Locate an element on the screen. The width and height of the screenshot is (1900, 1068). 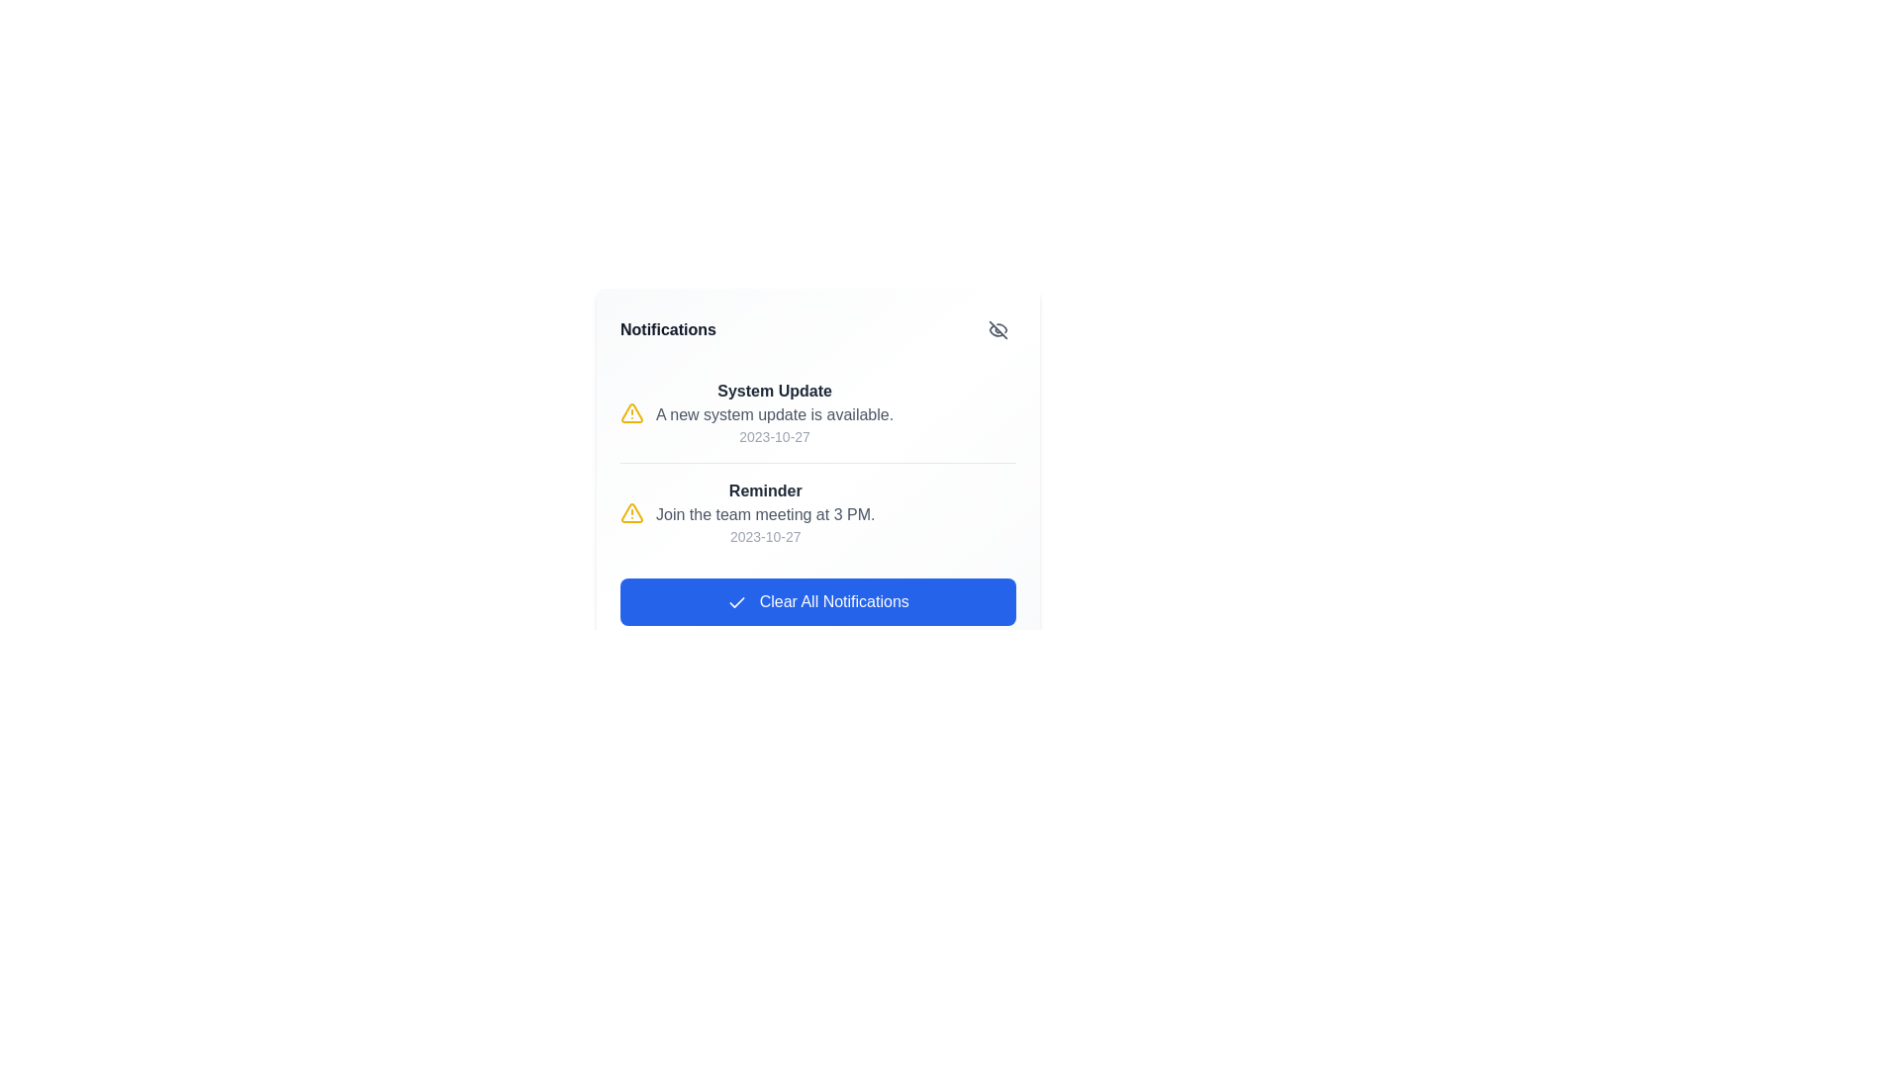
the notification item titled 'System Update' which includes three lines of text indicating a new system update is available, located in the notifications section is located at coordinates (773, 411).